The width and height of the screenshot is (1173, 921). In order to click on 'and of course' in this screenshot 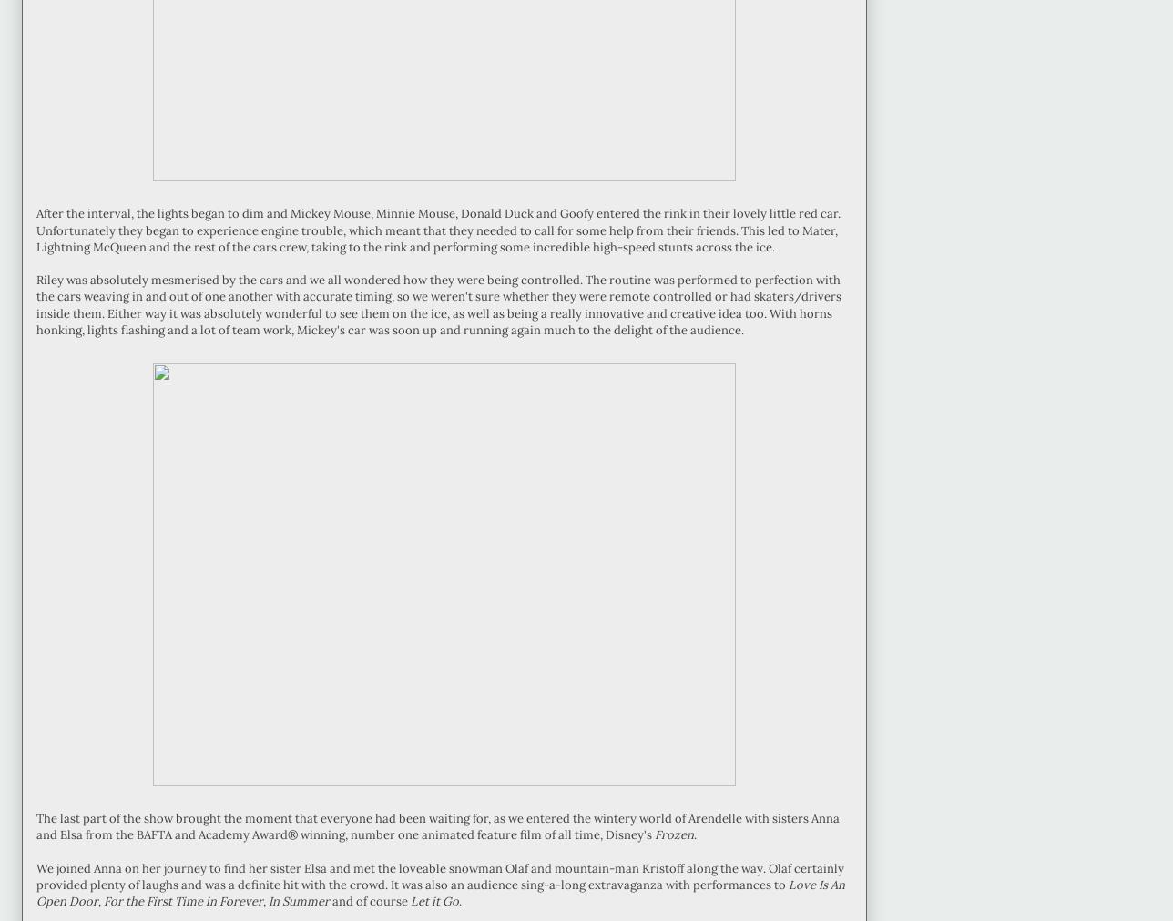, I will do `click(370, 901)`.